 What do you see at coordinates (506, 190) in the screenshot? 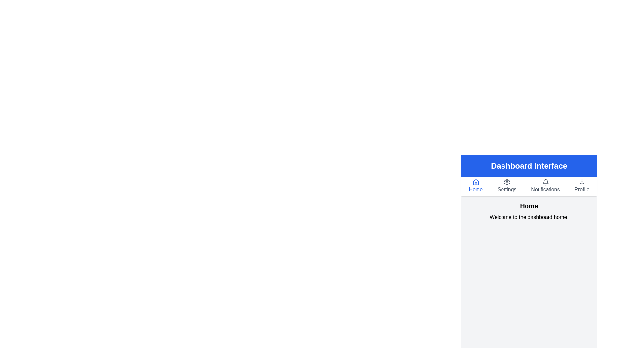
I see `the 'Settings' text label in the horizontal navigation menu located below the blue header labeled 'Dashboard Interface'` at bounding box center [506, 190].